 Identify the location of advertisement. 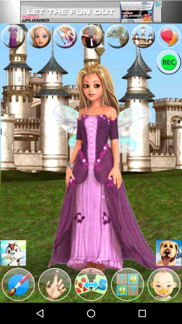
(91, 11).